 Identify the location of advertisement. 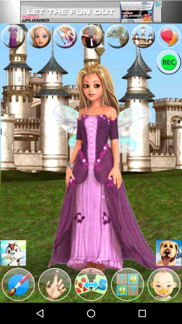
(91, 11).